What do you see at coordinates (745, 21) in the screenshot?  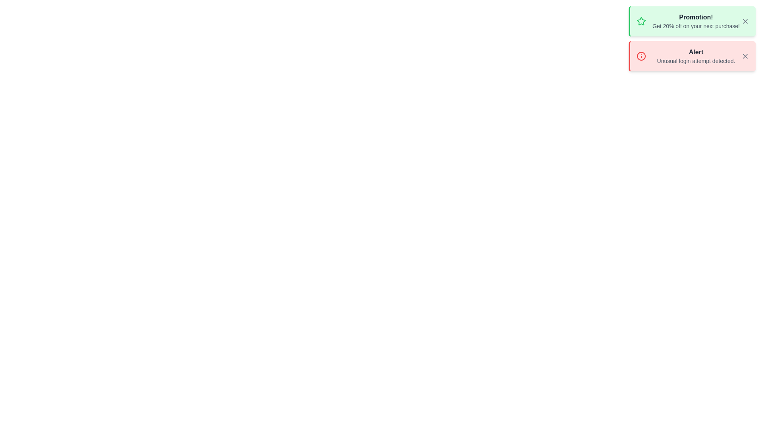 I see `the dismiss button icon located at the top-right corner of the green 'Promotion!' message box to observe its styling change` at bounding box center [745, 21].